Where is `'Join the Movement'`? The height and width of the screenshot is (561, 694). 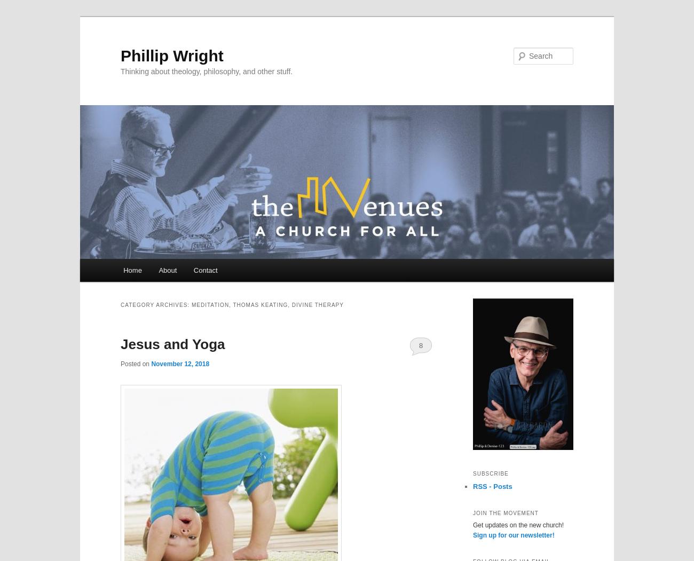
'Join the Movement' is located at coordinates (506, 512).